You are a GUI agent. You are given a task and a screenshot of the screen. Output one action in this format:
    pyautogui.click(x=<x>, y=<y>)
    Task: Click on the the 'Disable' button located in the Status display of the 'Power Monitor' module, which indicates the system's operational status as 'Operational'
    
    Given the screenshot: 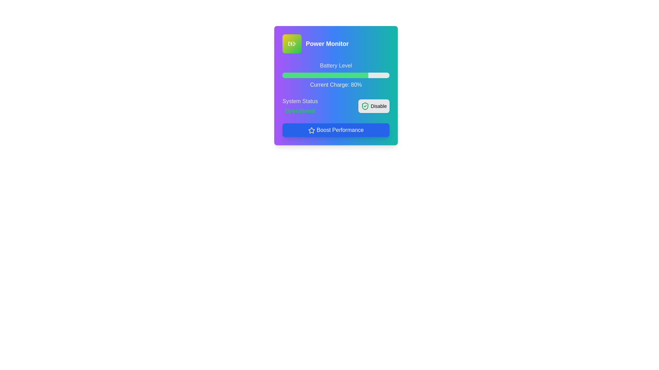 What is the action you would take?
    pyautogui.click(x=336, y=106)
    